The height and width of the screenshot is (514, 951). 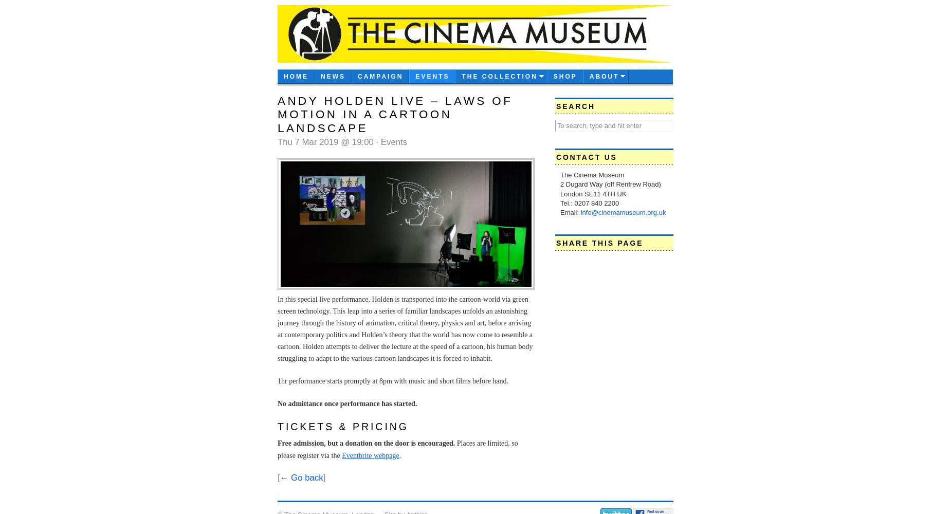 What do you see at coordinates (347, 403) in the screenshot?
I see `'No admittance once performance has started.'` at bounding box center [347, 403].